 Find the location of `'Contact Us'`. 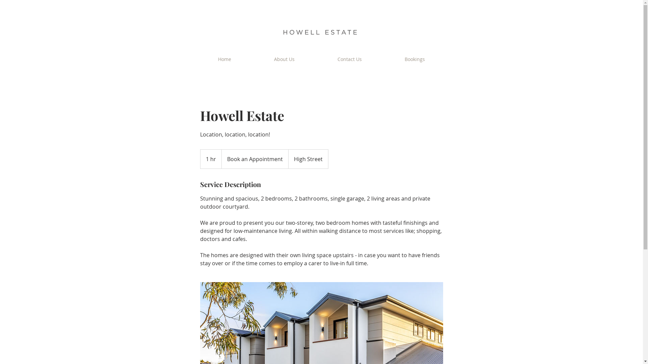

'Contact Us' is located at coordinates (349, 59).